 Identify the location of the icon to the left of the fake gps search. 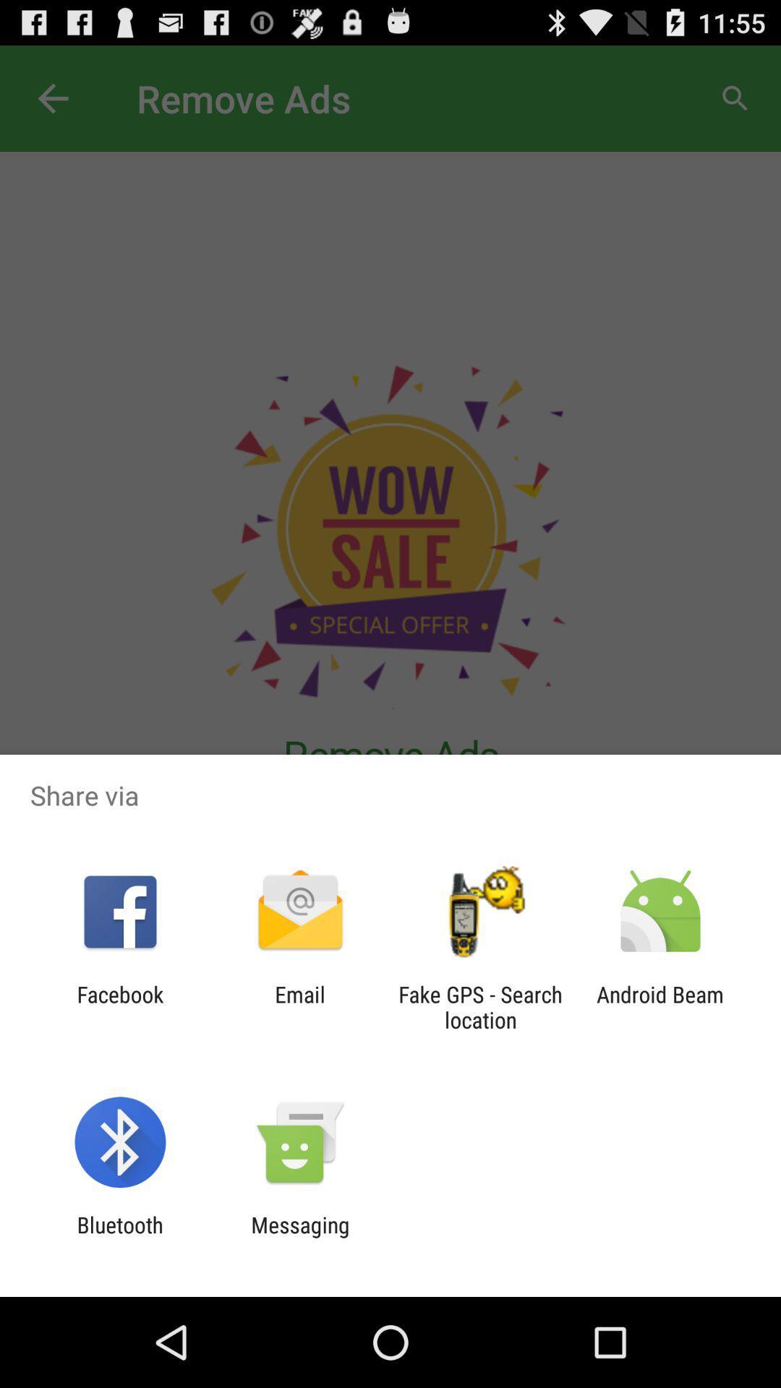
(299, 1006).